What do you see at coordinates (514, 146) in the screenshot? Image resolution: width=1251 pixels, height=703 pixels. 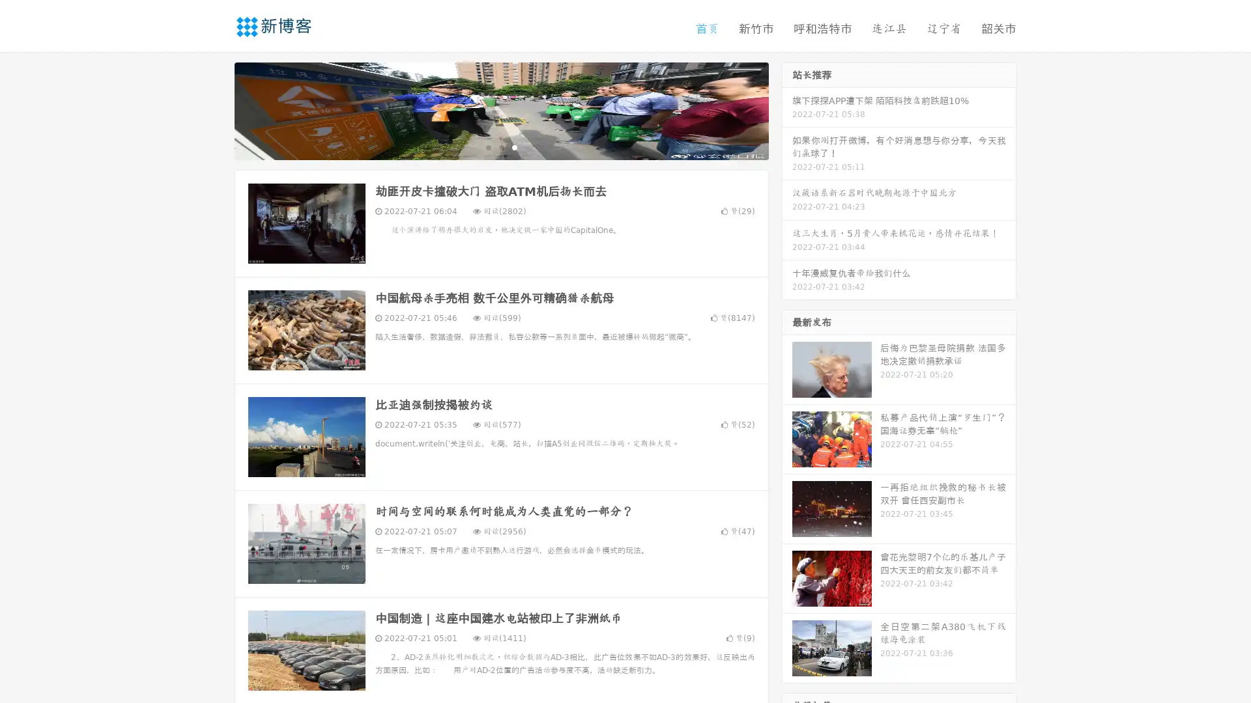 I see `Go to slide 3` at bounding box center [514, 146].